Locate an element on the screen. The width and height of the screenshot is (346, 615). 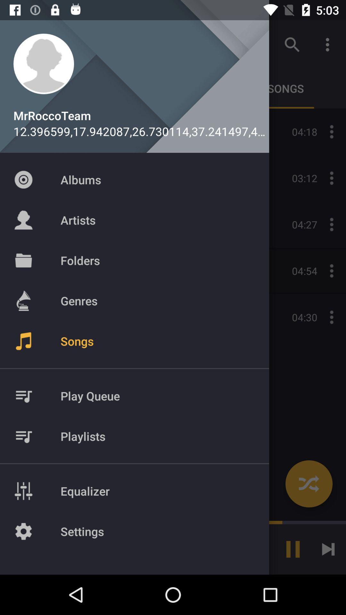
the skip_next icon is located at coordinates (328, 549).